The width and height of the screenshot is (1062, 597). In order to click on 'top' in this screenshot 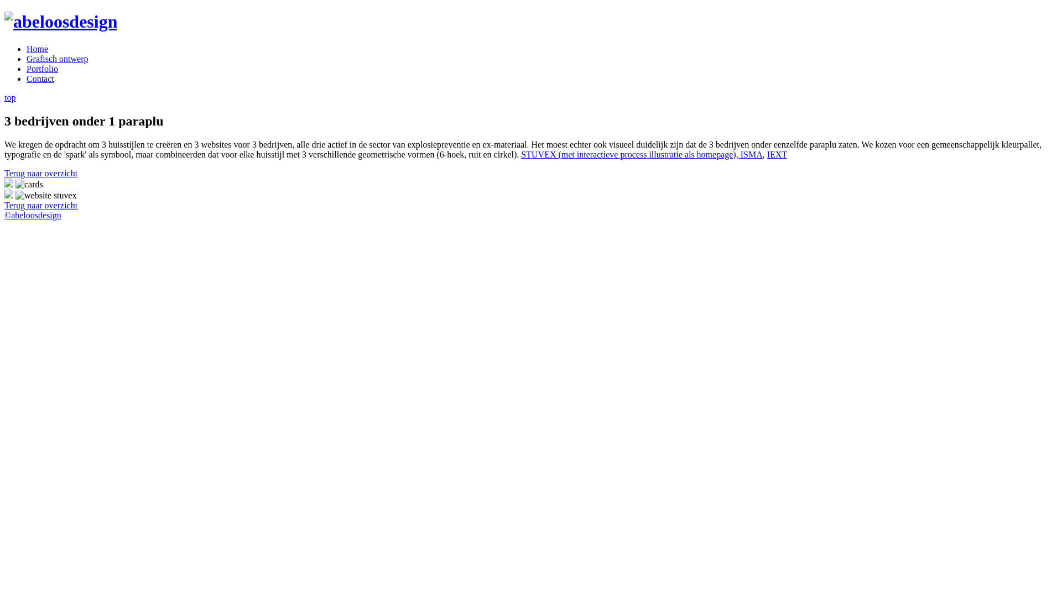, I will do `click(10, 97)`.